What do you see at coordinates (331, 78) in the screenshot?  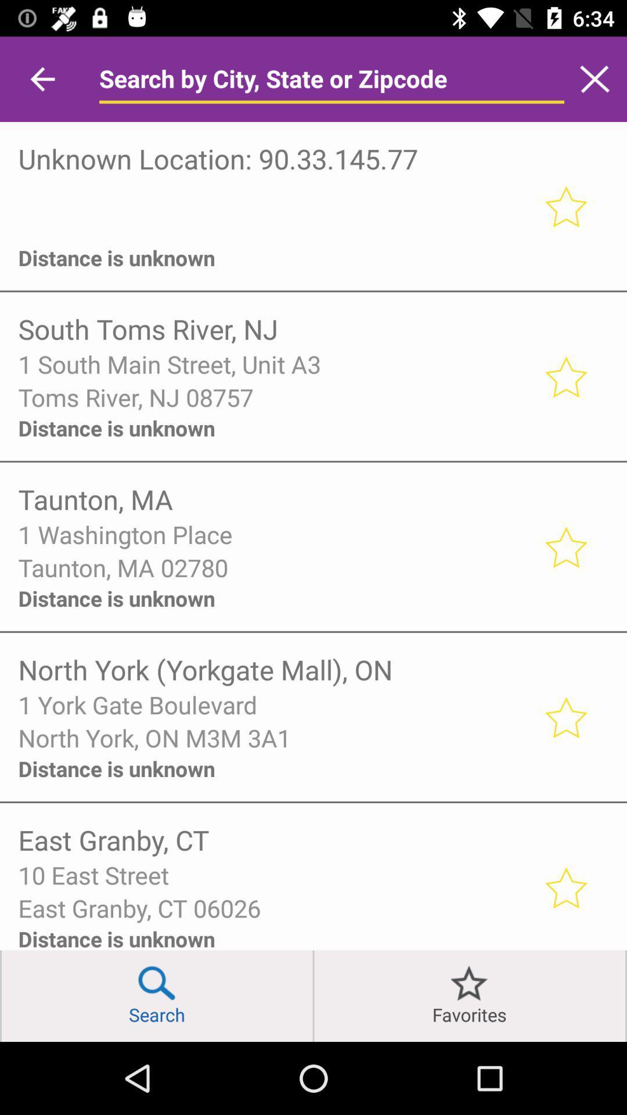 I see `search location` at bounding box center [331, 78].